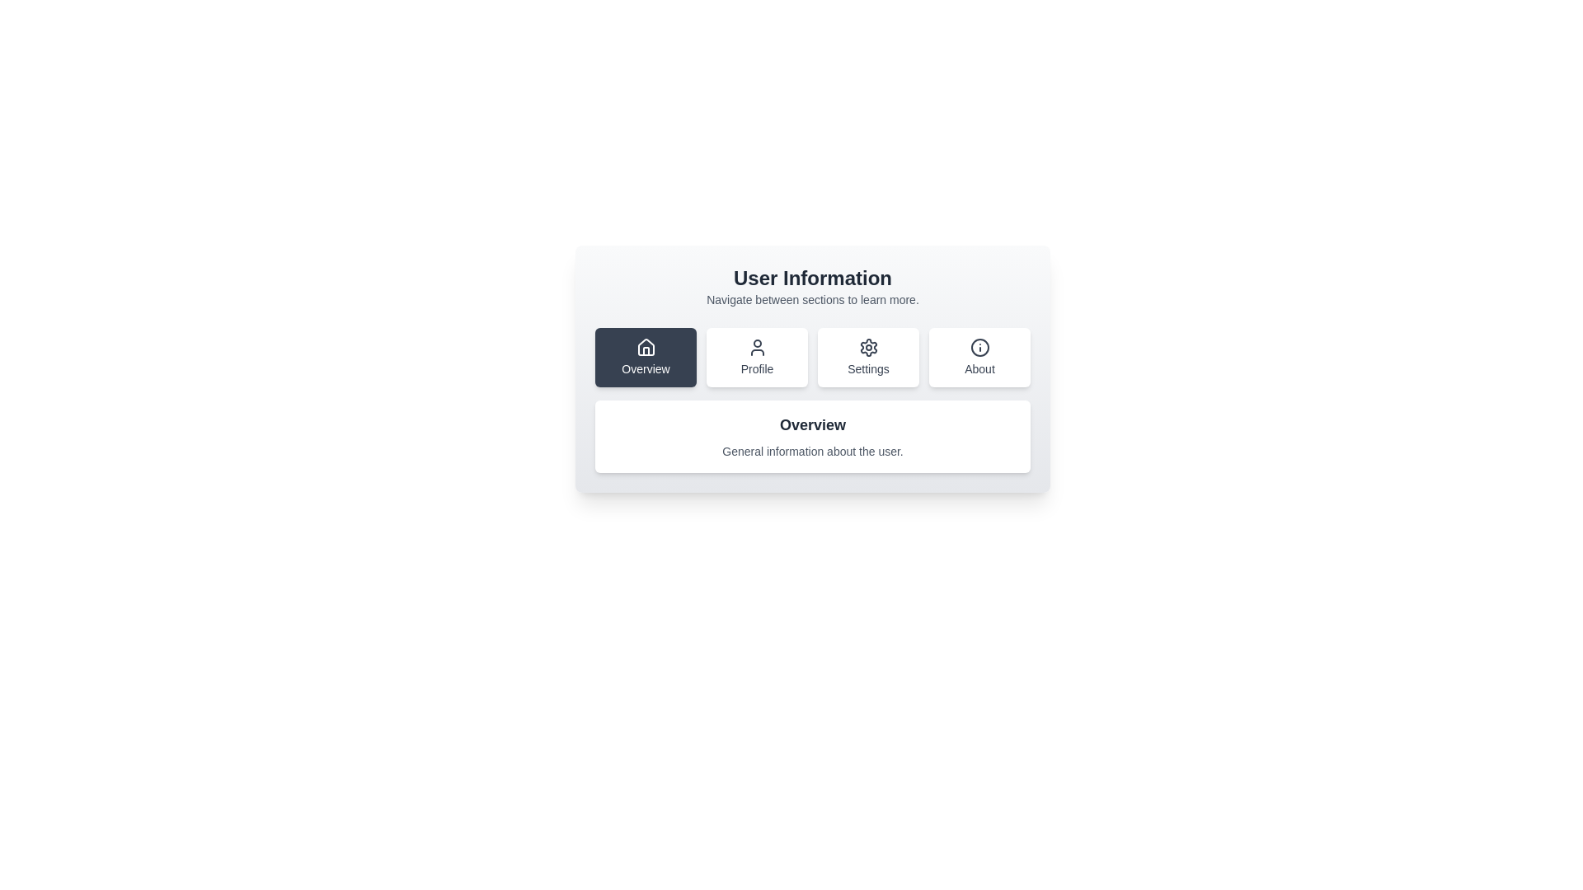  What do you see at coordinates (812, 278) in the screenshot?
I see `the 'User Information' text header, which is a bold, larger-sized, dark gray text element centered at the top of a card-like UI component` at bounding box center [812, 278].